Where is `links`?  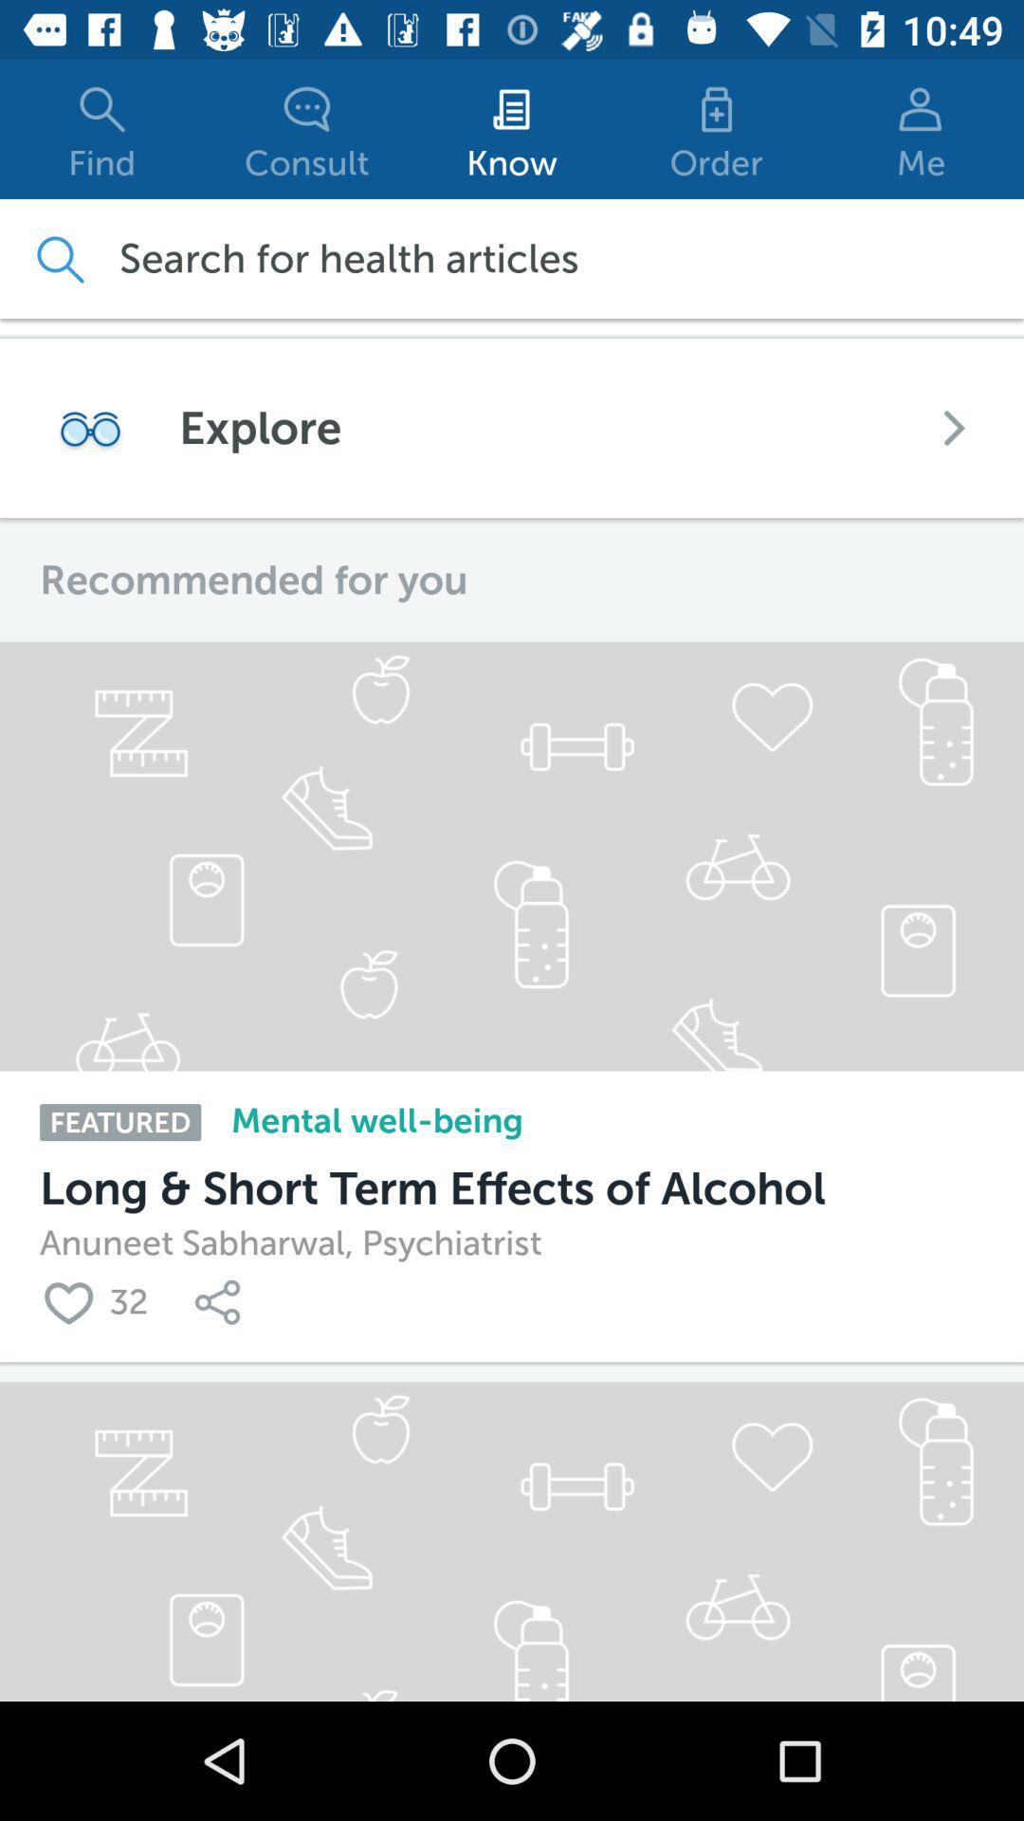
links is located at coordinates (221, 1301).